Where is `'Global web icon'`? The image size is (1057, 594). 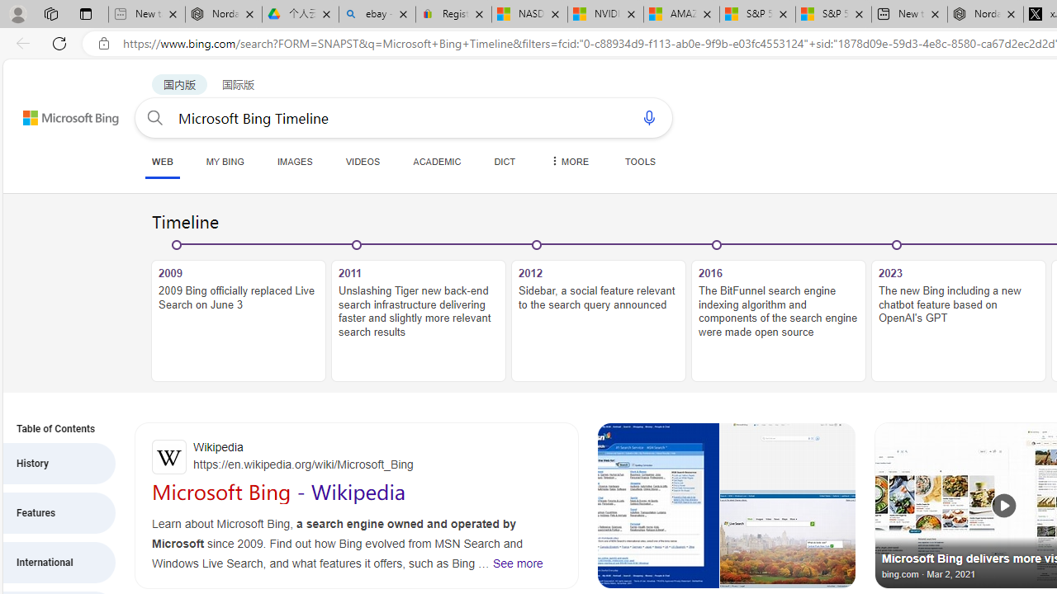
'Global web icon' is located at coordinates (169, 457).